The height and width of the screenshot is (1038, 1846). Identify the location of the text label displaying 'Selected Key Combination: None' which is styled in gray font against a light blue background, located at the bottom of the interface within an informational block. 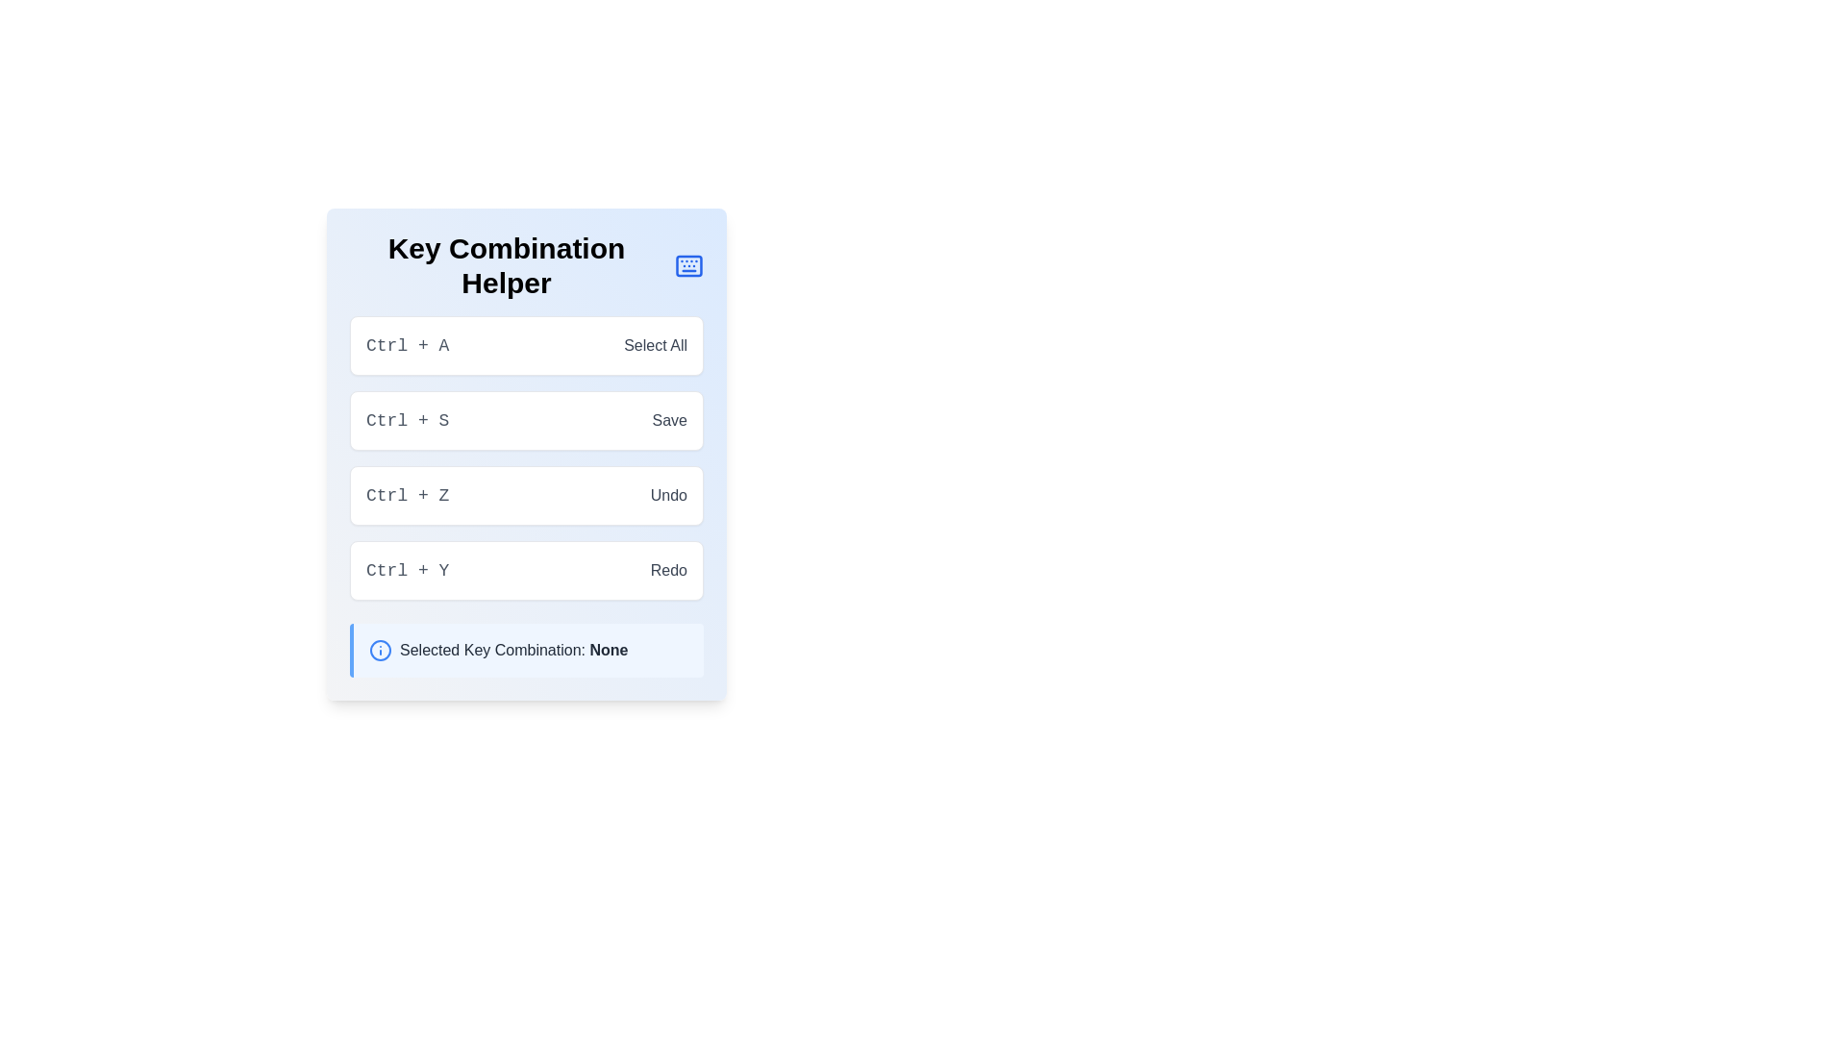
(513, 650).